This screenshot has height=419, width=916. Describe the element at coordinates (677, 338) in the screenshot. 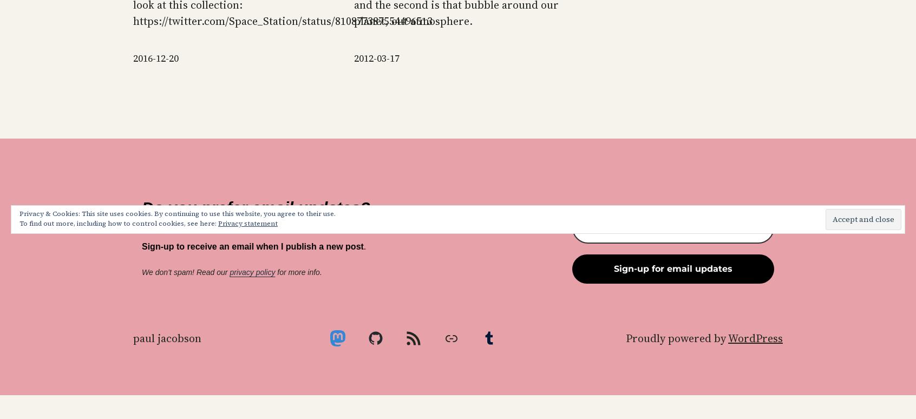

I see `'Proudly powered by'` at that location.